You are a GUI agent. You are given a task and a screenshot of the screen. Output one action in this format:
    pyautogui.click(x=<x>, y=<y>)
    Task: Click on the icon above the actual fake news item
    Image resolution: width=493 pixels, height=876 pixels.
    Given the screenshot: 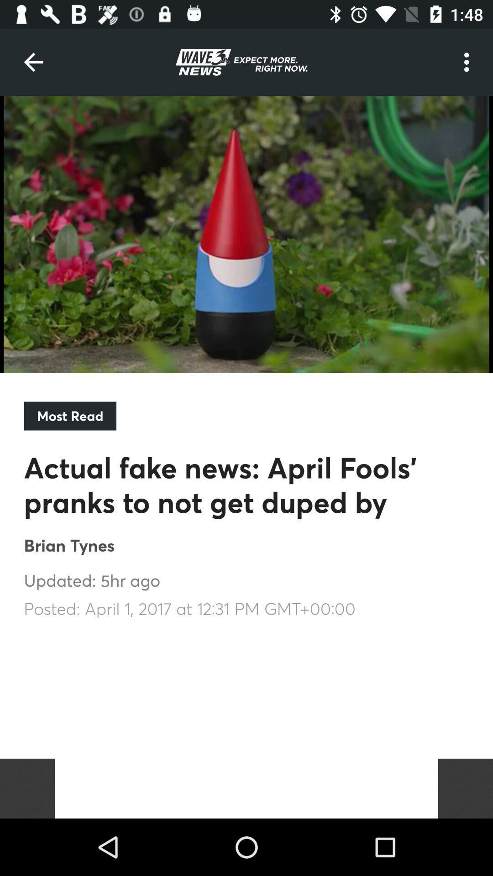 What is the action you would take?
    pyautogui.click(x=69, y=416)
    